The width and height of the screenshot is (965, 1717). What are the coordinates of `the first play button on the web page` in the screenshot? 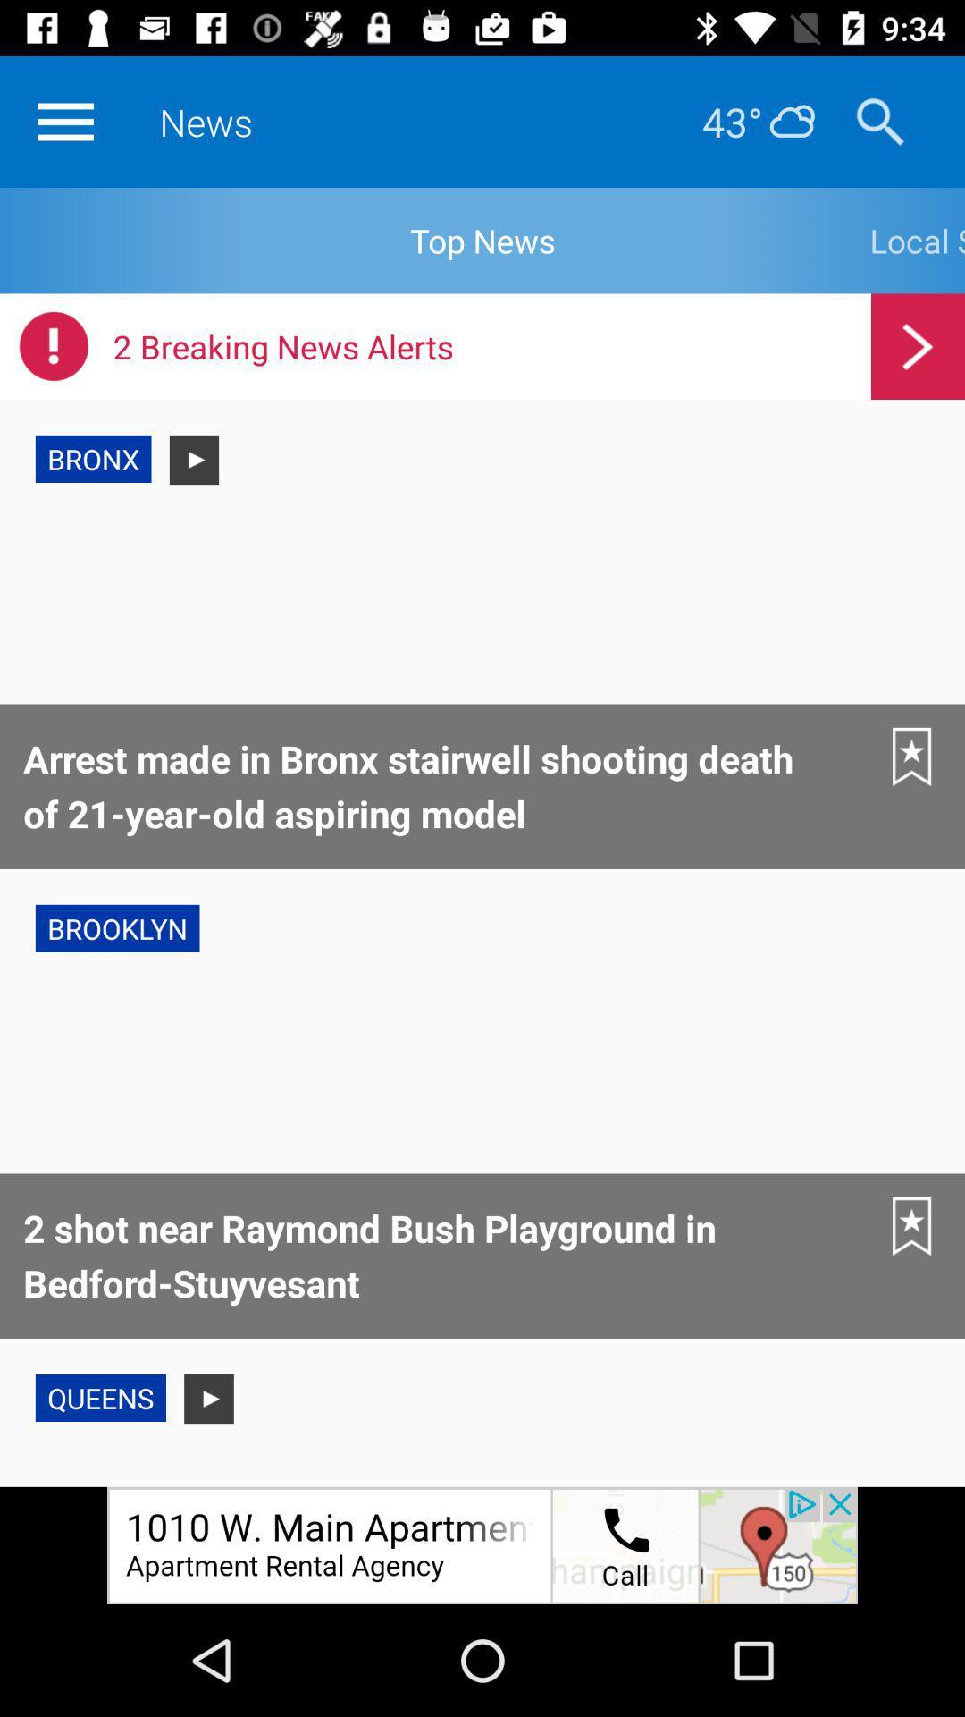 It's located at (195, 460).